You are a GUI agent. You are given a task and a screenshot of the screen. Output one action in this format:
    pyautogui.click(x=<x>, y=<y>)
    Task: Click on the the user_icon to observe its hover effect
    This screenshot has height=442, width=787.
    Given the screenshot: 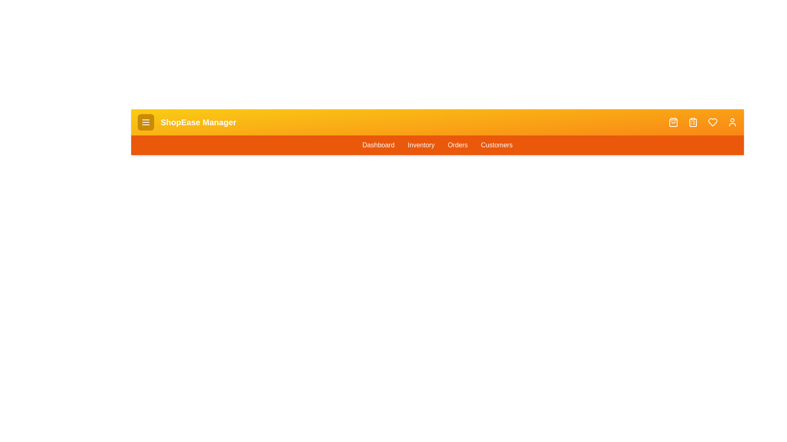 What is the action you would take?
    pyautogui.click(x=732, y=122)
    